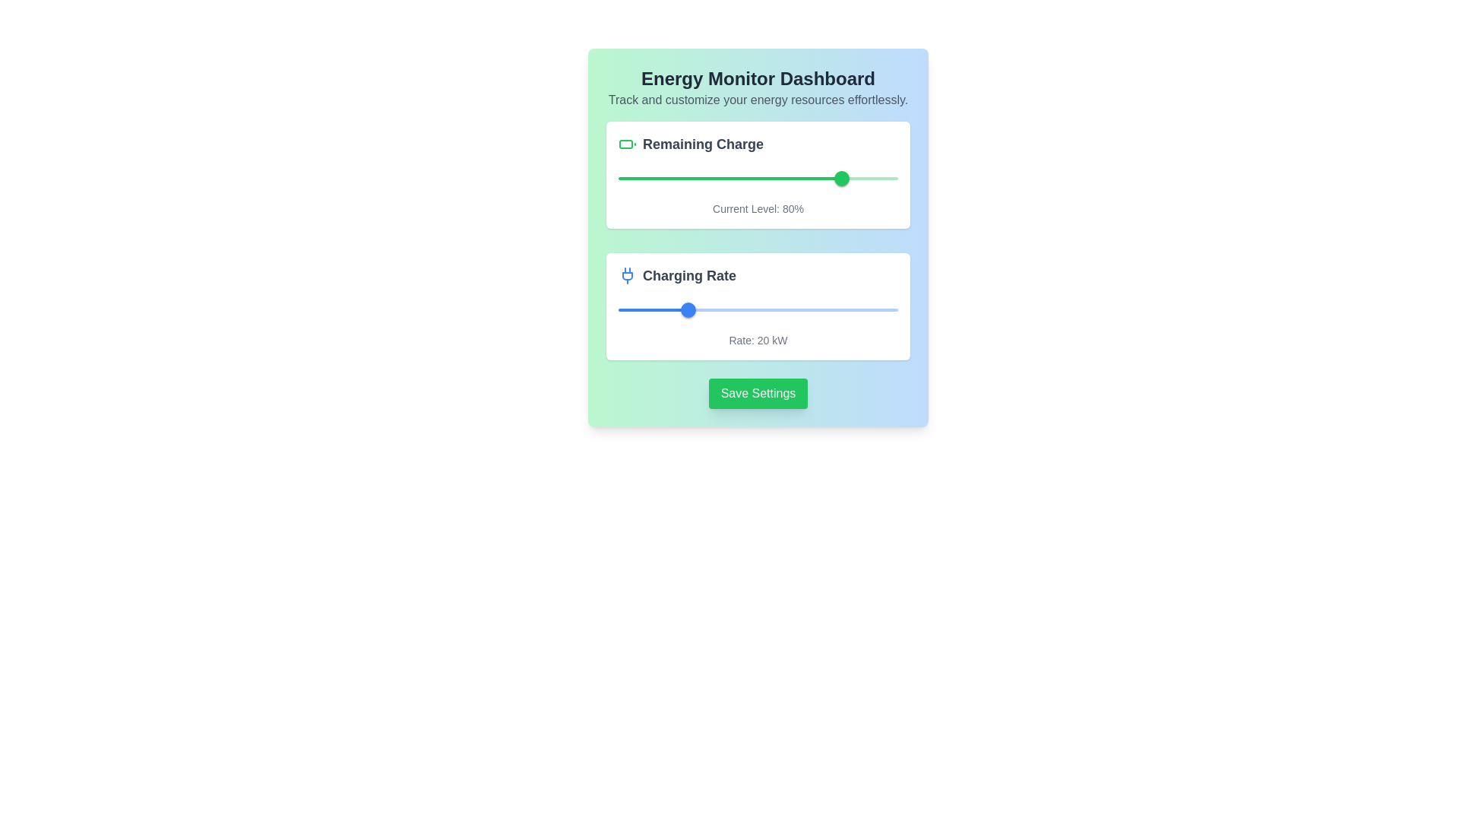 The image size is (1459, 821). Describe the element at coordinates (824, 309) in the screenshot. I see `the slider` at that location.